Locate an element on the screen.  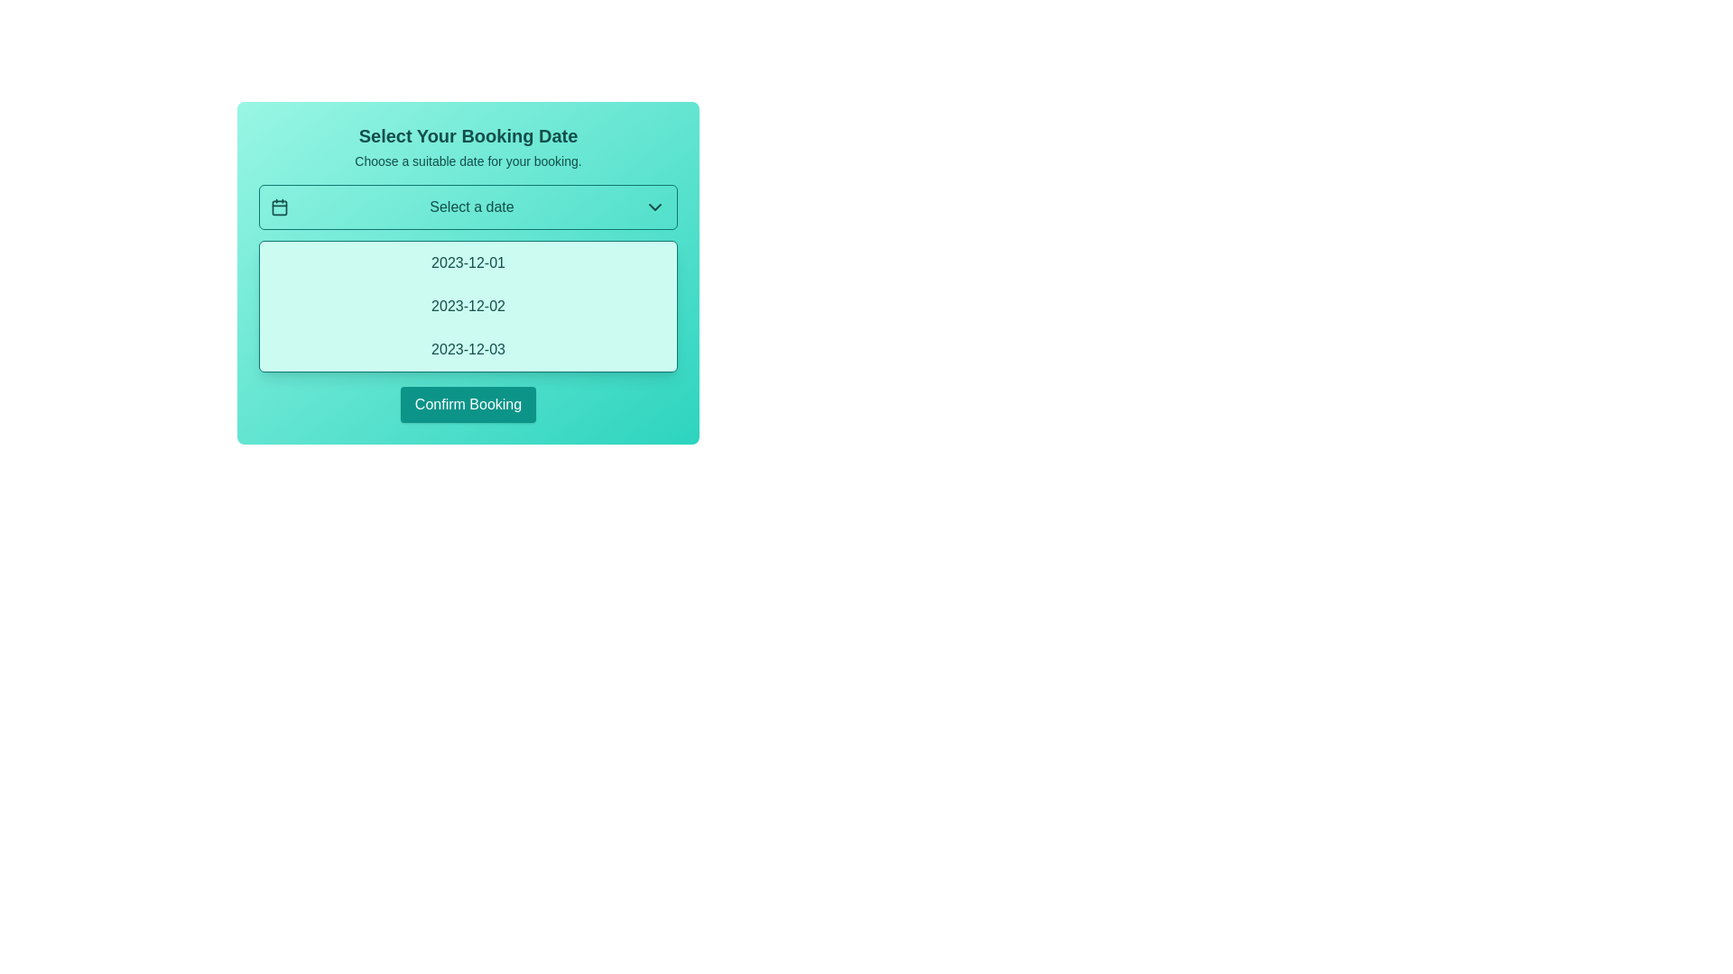
the chevron icon on the far right of the date selection bar is located at coordinates (653, 207).